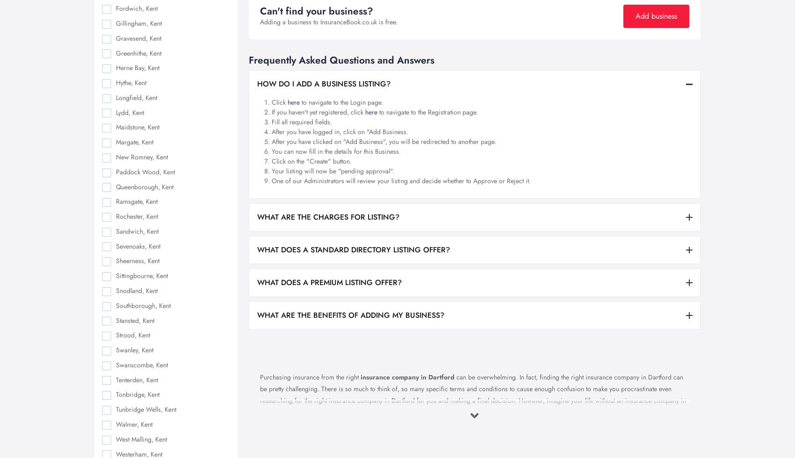 The height and width of the screenshot is (458, 795). I want to click on 'Cookies', so click(517, 336).